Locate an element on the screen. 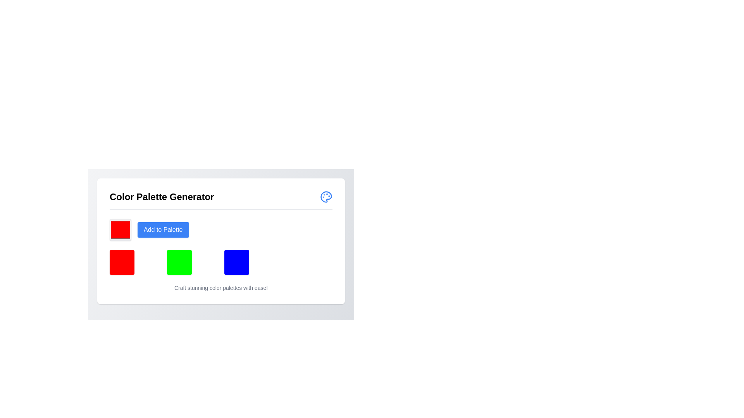 This screenshot has height=418, width=744. the painter's palette icon located at the top-right corner of the 'Color Palette Generator' section, adjacent to the title text 'Color Palette Generator' is located at coordinates (326, 197).